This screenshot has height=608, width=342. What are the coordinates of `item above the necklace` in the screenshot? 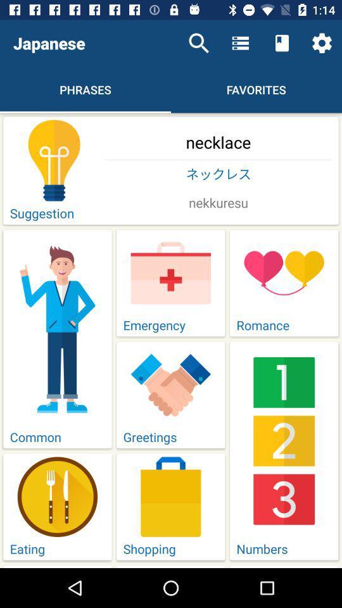 It's located at (322, 43).